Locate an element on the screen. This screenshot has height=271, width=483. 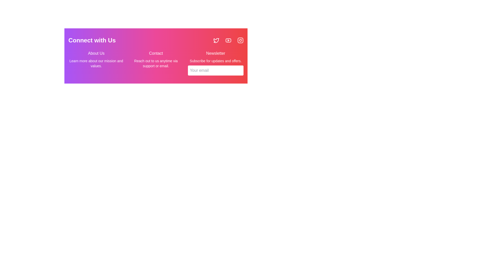
contents of the horizontal grid section labeled 'About Us,' 'Contact,' and 'Newsletter' located beneath the header 'Connect with Us.' is located at coordinates (155, 62).